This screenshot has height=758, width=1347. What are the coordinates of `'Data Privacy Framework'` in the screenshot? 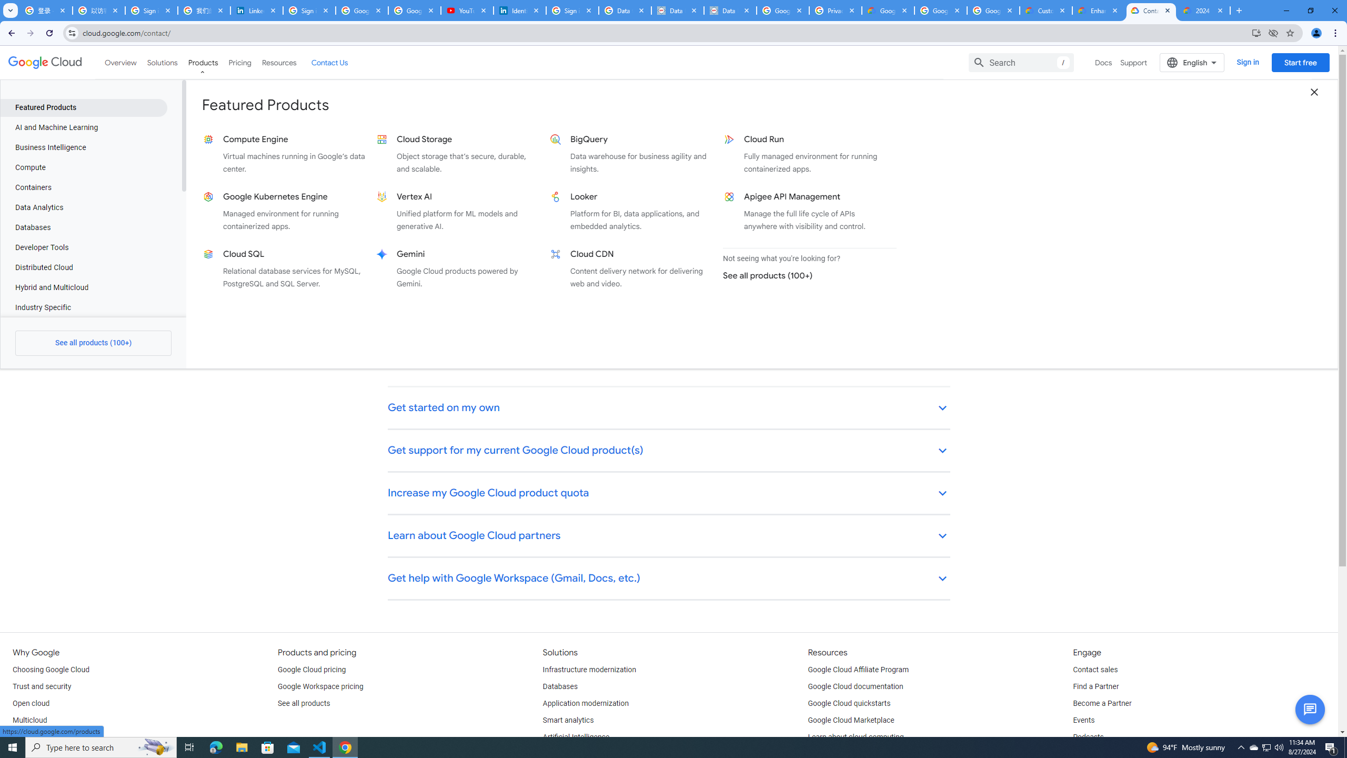 It's located at (729, 10).